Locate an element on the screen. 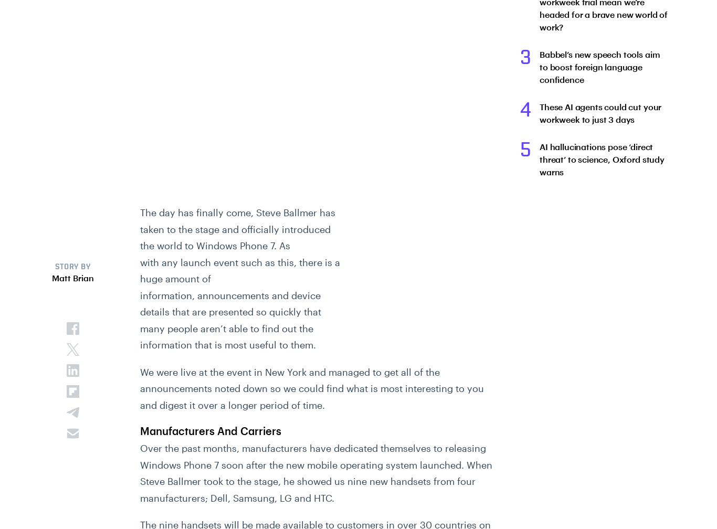 This screenshot has height=529, width=717. 'Babbel’s new speech tools aim to boost foreign language confidence' is located at coordinates (599, 67).